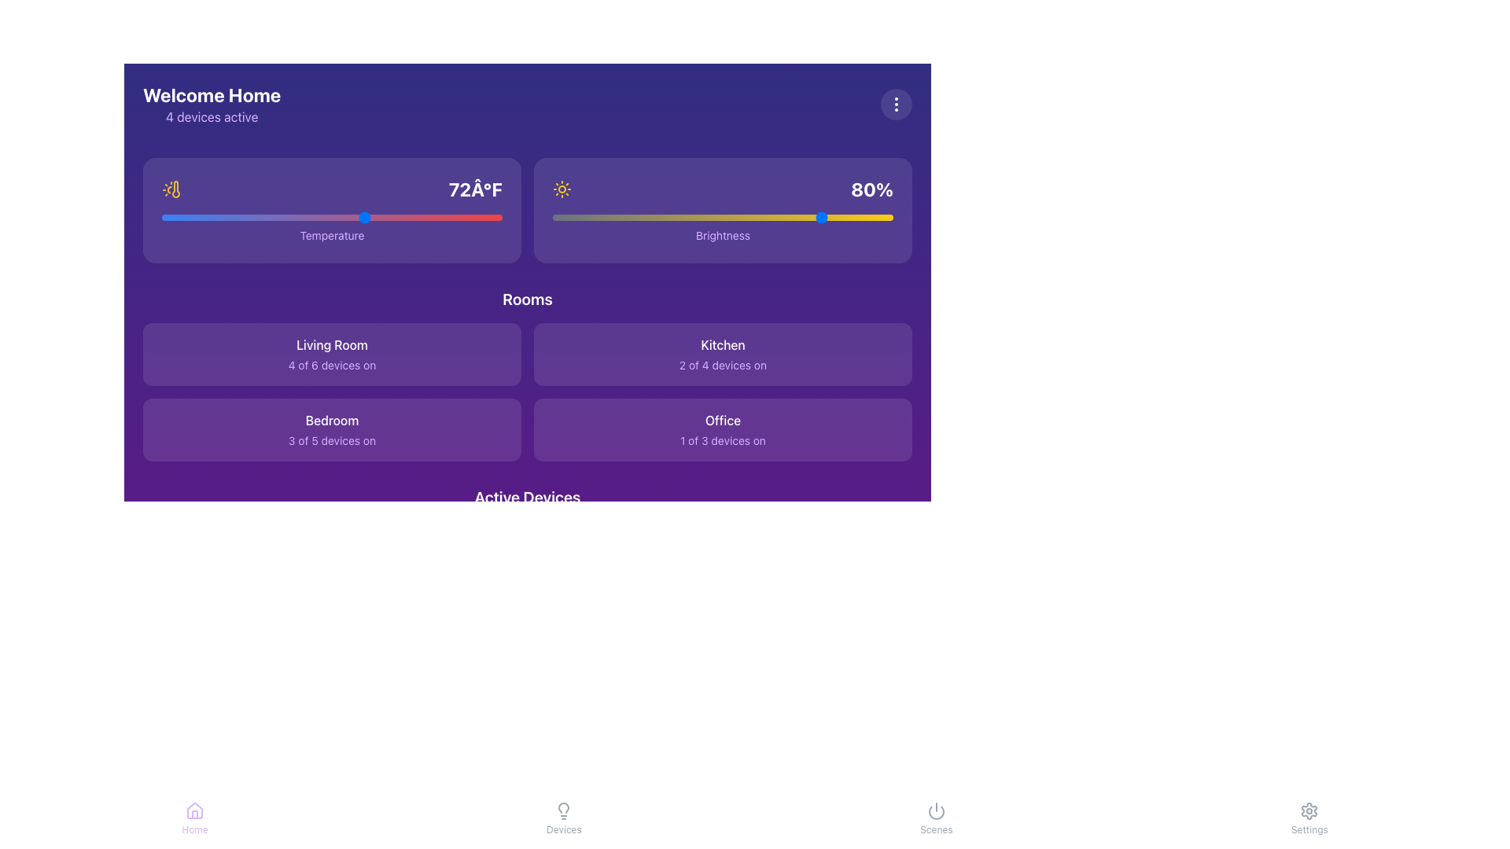 This screenshot has height=849, width=1510. Describe the element at coordinates (331, 355) in the screenshot. I see `the 'Living Room' Card UI component, which displays a summary of devices in this room and is located in the top-left section of the 'Rooms' grid layout` at that location.